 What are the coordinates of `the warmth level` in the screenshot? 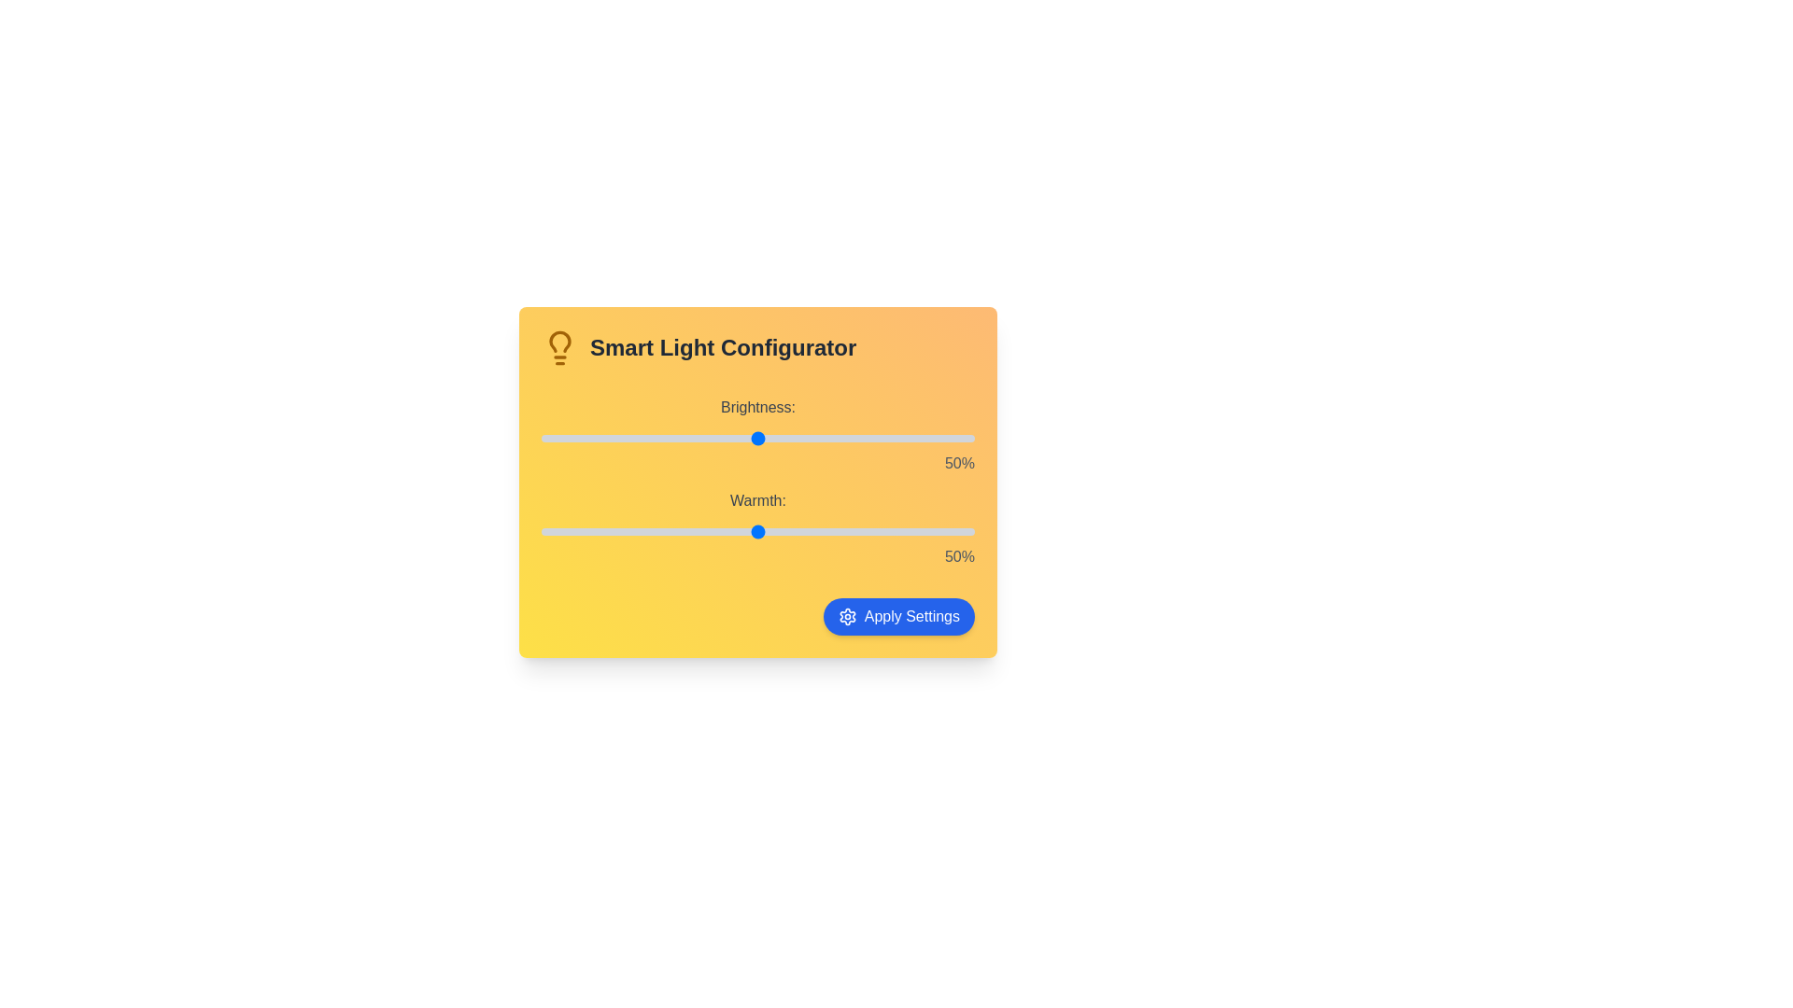 It's located at (562, 532).